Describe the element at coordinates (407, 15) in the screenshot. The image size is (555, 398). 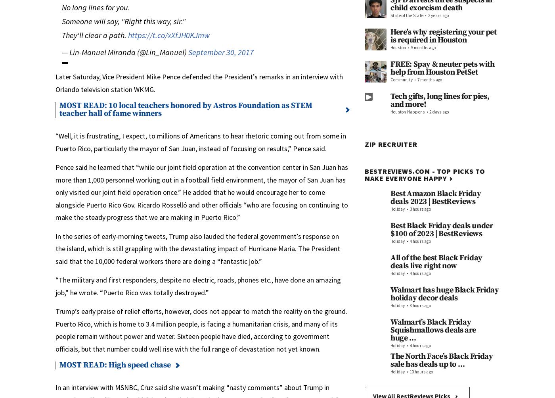
I see `'State of the State'` at that location.